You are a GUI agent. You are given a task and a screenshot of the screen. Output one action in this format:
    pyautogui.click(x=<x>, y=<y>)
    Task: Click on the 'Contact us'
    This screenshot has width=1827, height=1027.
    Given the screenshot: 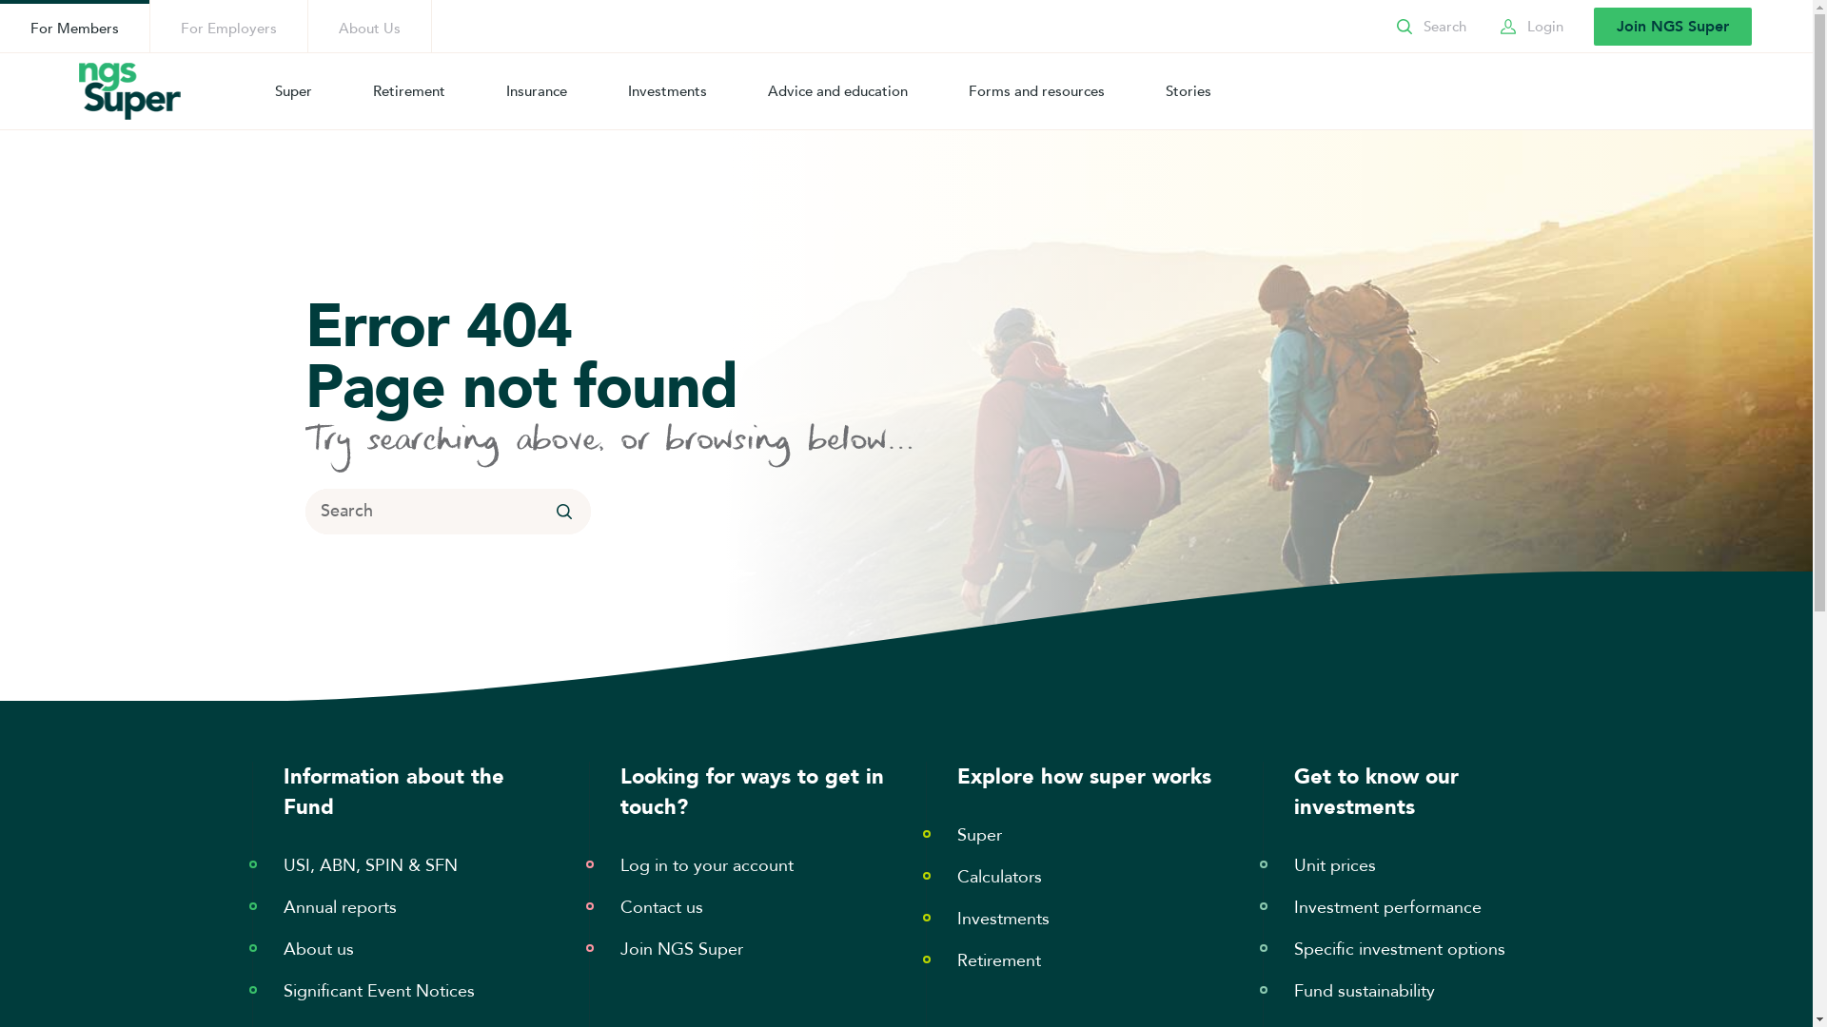 What is the action you would take?
    pyautogui.click(x=620, y=906)
    